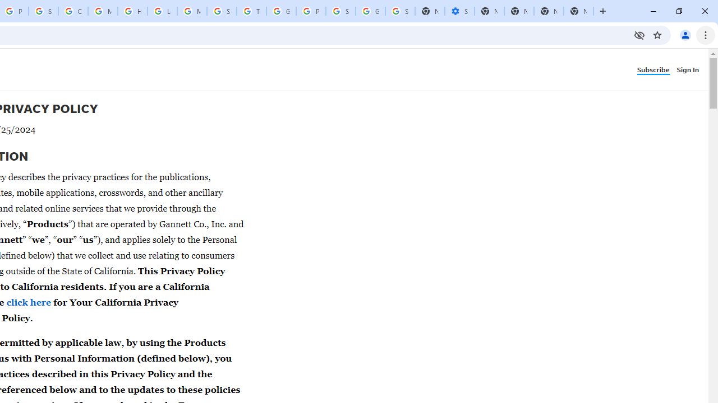  What do you see at coordinates (578, 11) in the screenshot?
I see `'New Tab'` at bounding box center [578, 11].